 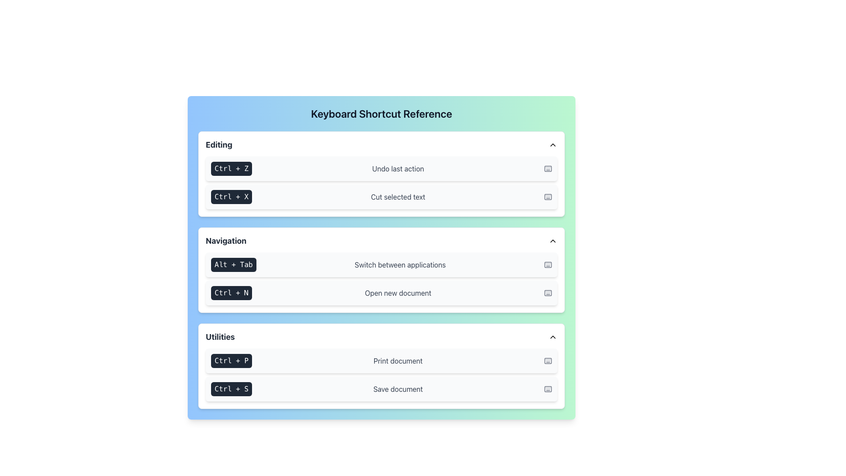 What do you see at coordinates (231, 389) in the screenshot?
I see `the label displaying the keyboard shortcut 'Ctrl + S' located in the 'Utilities' section, which is the second entry and aligns horizontally with 'Save document'` at bounding box center [231, 389].